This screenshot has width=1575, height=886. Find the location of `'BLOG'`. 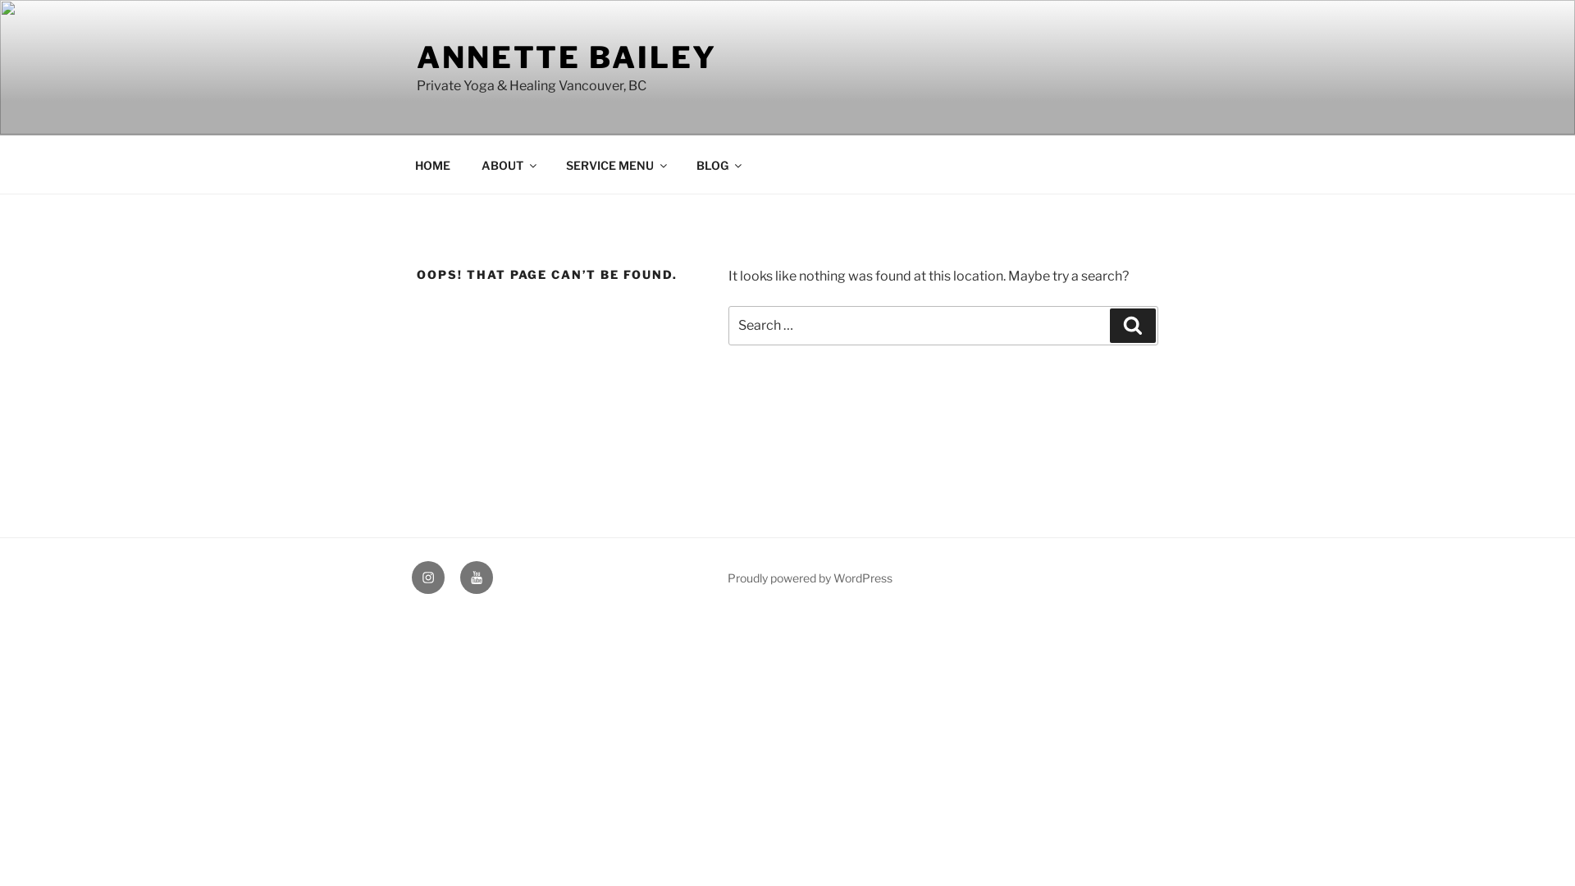

'BLOG' is located at coordinates (717, 164).